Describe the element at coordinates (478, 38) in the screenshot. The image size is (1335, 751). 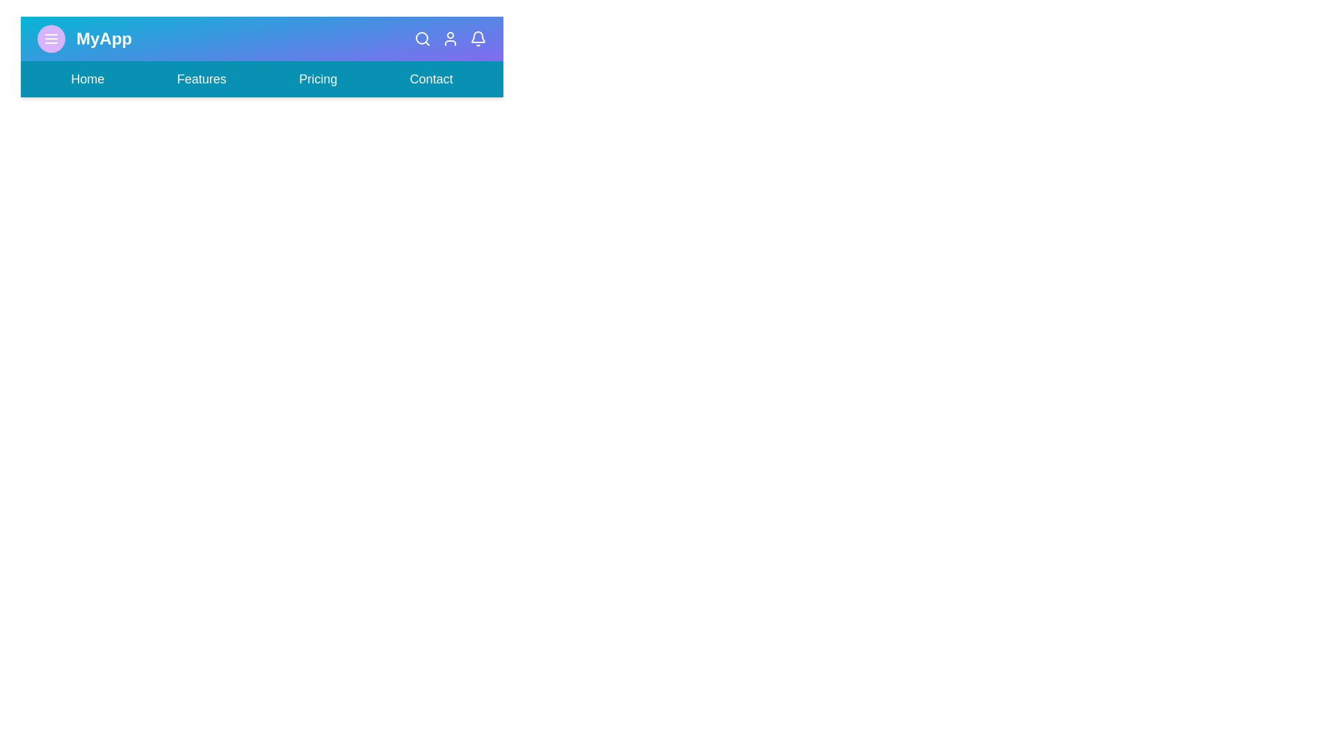
I see `the notification icon in the app bar` at that location.